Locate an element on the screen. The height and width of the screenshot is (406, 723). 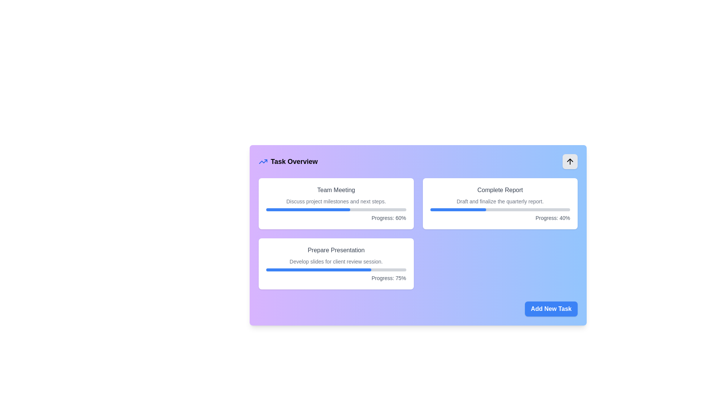
progress percentage from the progress bar located in the 'Team Meeting' task overview card, which visually indicates completion at 60% is located at coordinates (308, 210).